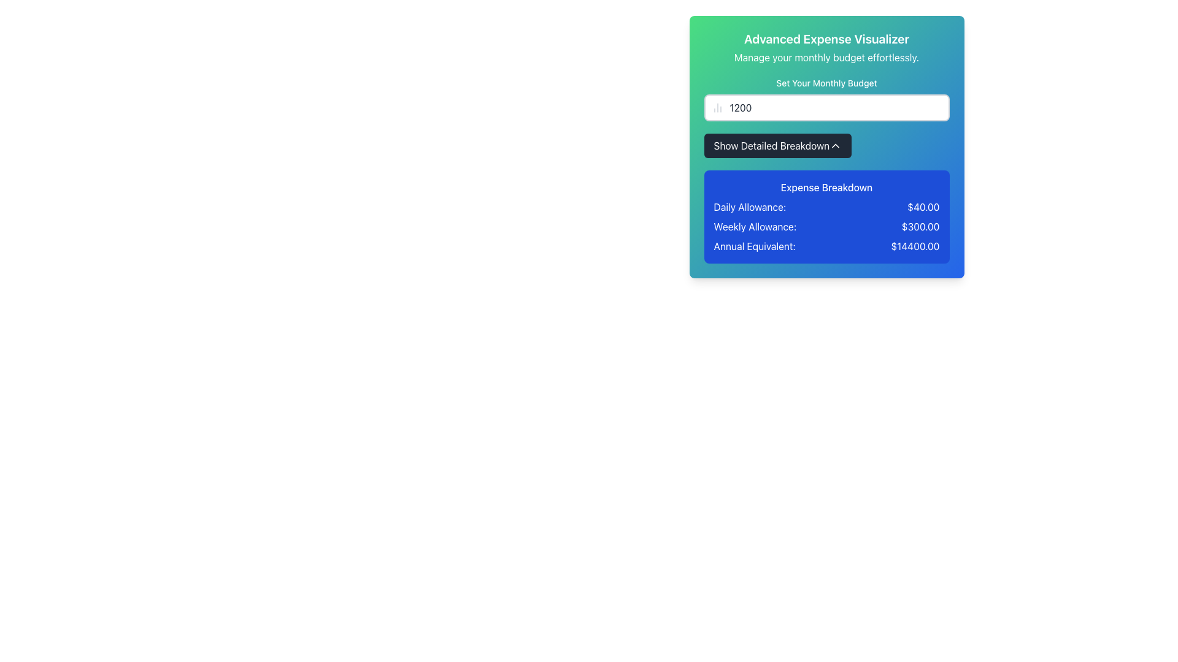  Describe the element at coordinates (754, 246) in the screenshot. I see `the 'Annual Equivalent:' text label, which is styled in white text on a blue background, located in the 'Expense Breakdown' panel, positioned above the value '$14400.00'` at that location.